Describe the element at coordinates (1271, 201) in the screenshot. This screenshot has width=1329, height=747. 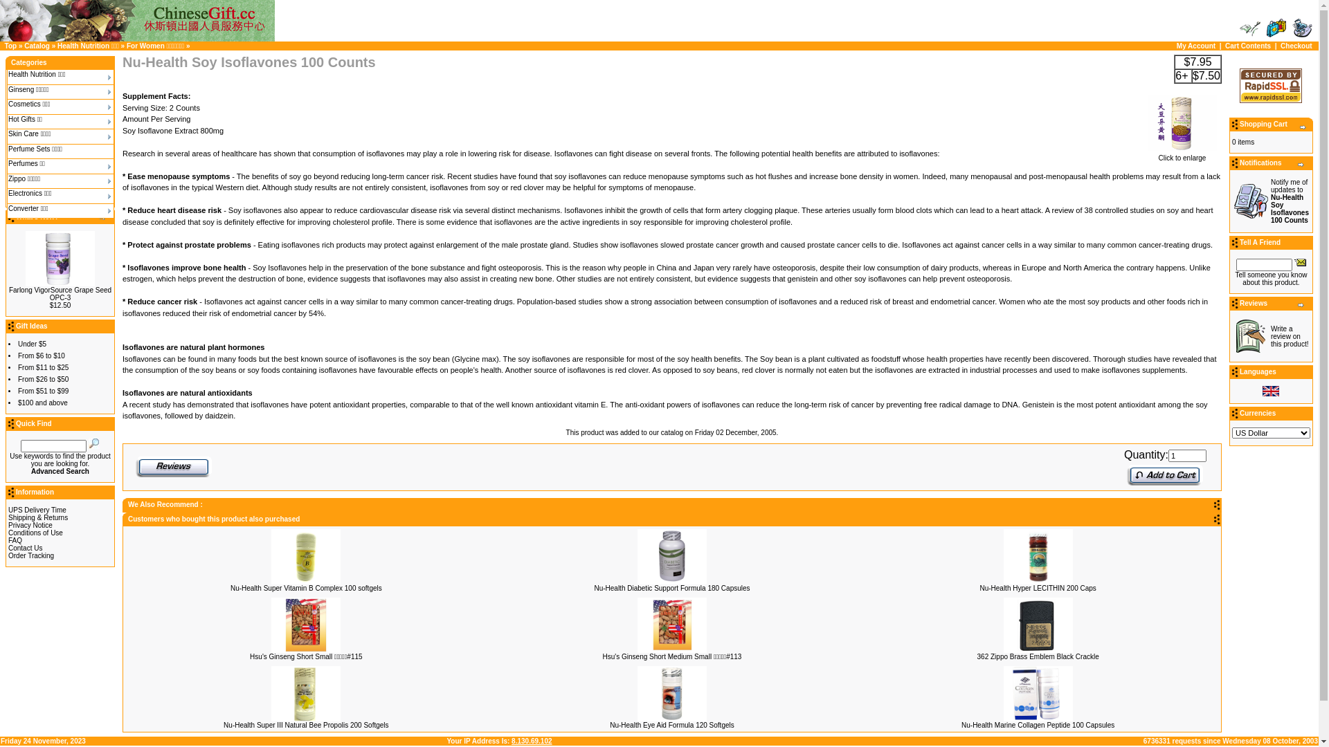
I see `'Notify me of updates to Nu-Health Soy Isoflavones 100 Counts'` at that location.